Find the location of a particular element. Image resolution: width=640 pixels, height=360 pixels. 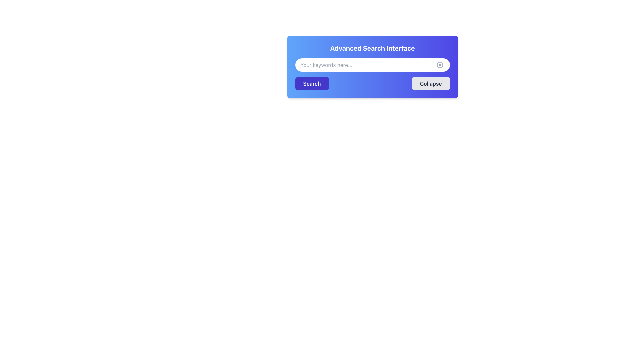

the 'Search' button, which is a rounded rectangular button with a purple background and white bold text, located in the lower left section of a card interface is located at coordinates (312, 83).